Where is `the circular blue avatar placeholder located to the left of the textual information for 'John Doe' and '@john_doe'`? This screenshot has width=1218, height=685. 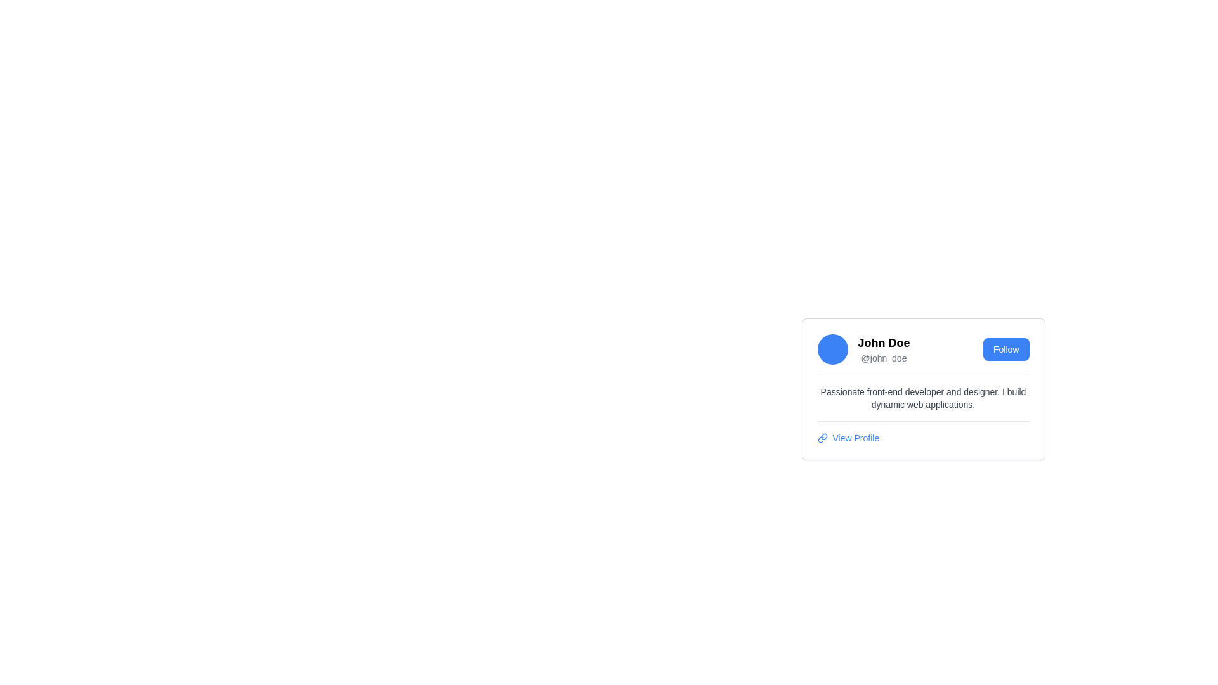 the circular blue avatar placeholder located to the left of the textual information for 'John Doe' and '@john_doe' is located at coordinates (832, 349).